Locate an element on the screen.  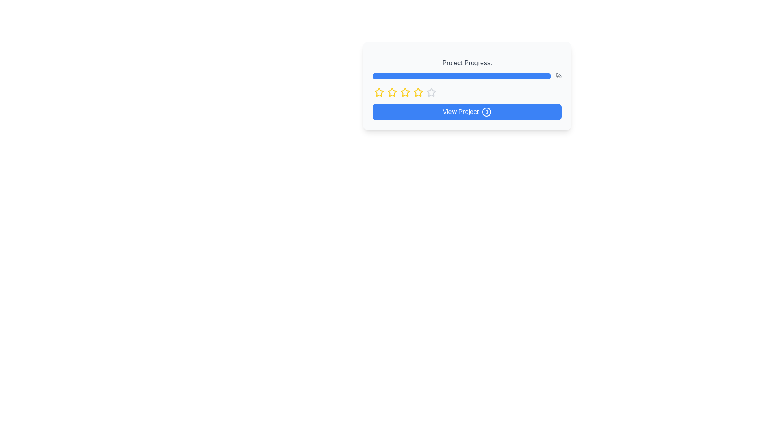
the fourth star-shaped vector icon under the 'Project Progress' header to rate it is located at coordinates (430, 92).